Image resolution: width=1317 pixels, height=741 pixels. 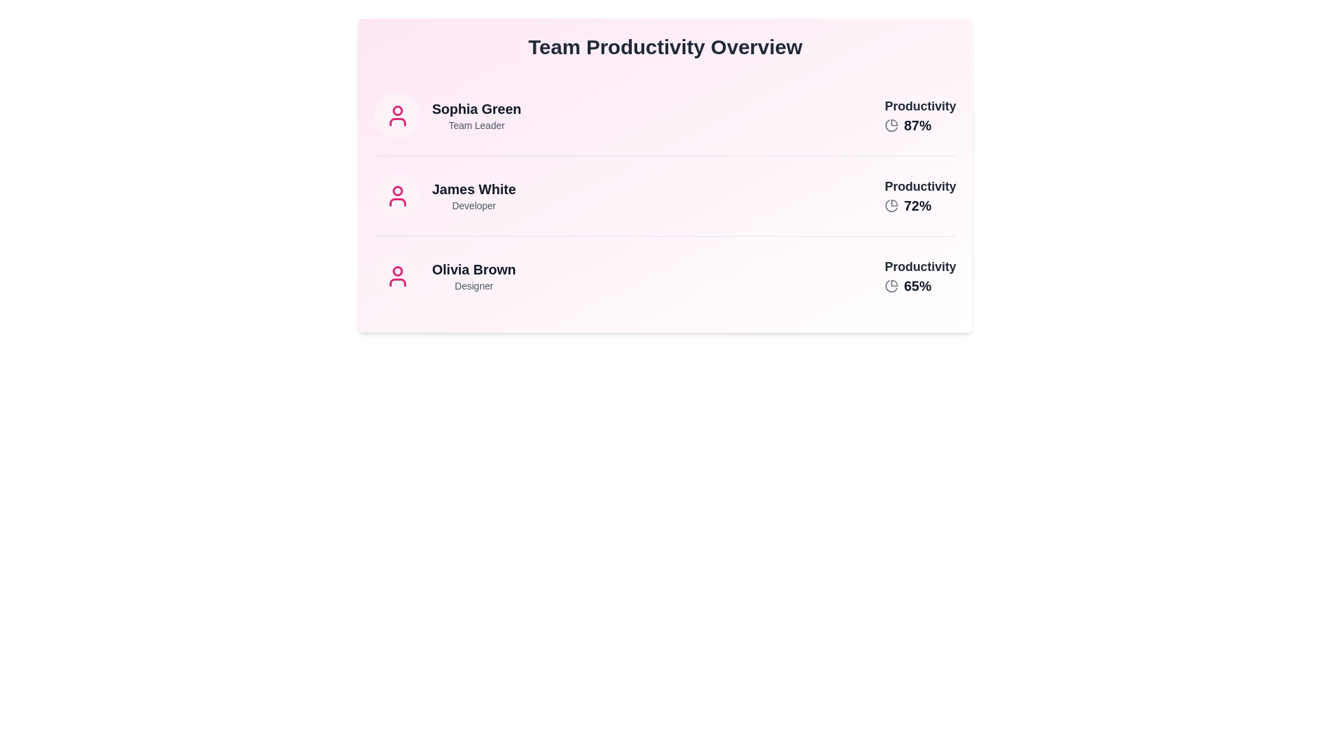 What do you see at coordinates (474, 276) in the screenshot?
I see `the text display element that shows 'Olivia Brown' and 'Designer' in the 'Team Productivity Overview' section, specifically the third row of people profiles` at bounding box center [474, 276].